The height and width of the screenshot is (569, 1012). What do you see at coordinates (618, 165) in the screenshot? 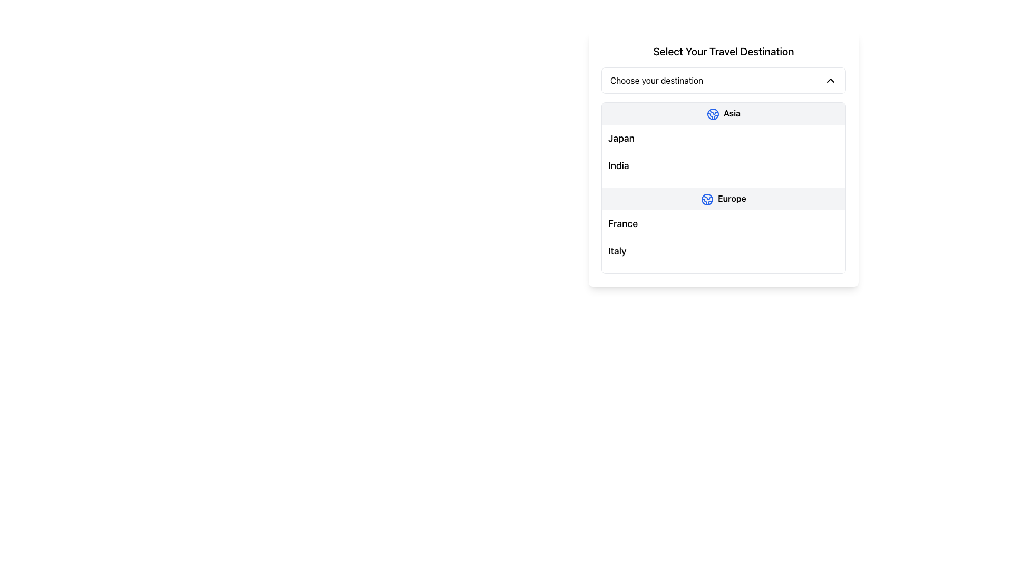
I see `the static text label indicating the travel destination 'India', which is the second entry under the 'Asia' heading in the list of travel destinations` at bounding box center [618, 165].